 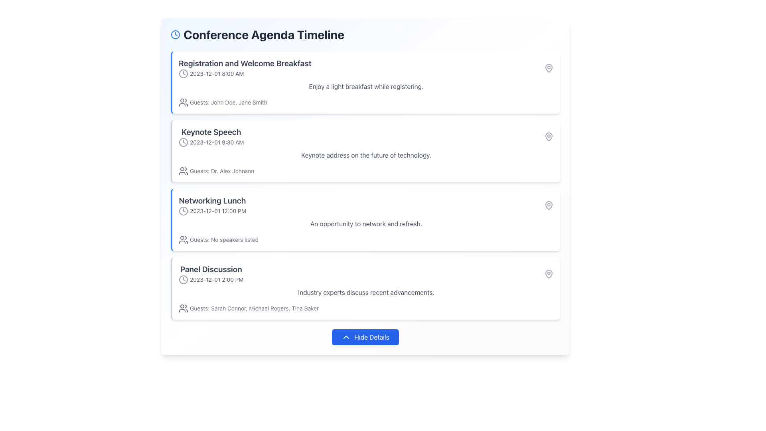 What do you see at coordinates (183, 308) in the screenshot?
I see `the SVG icon representing a group of people, which is located to the left of the text 'Guests: Sarah Connor, Michael Rogers, Tina Baker' within the 'Panel Discussion' panel` at bounding box center [183, 308].